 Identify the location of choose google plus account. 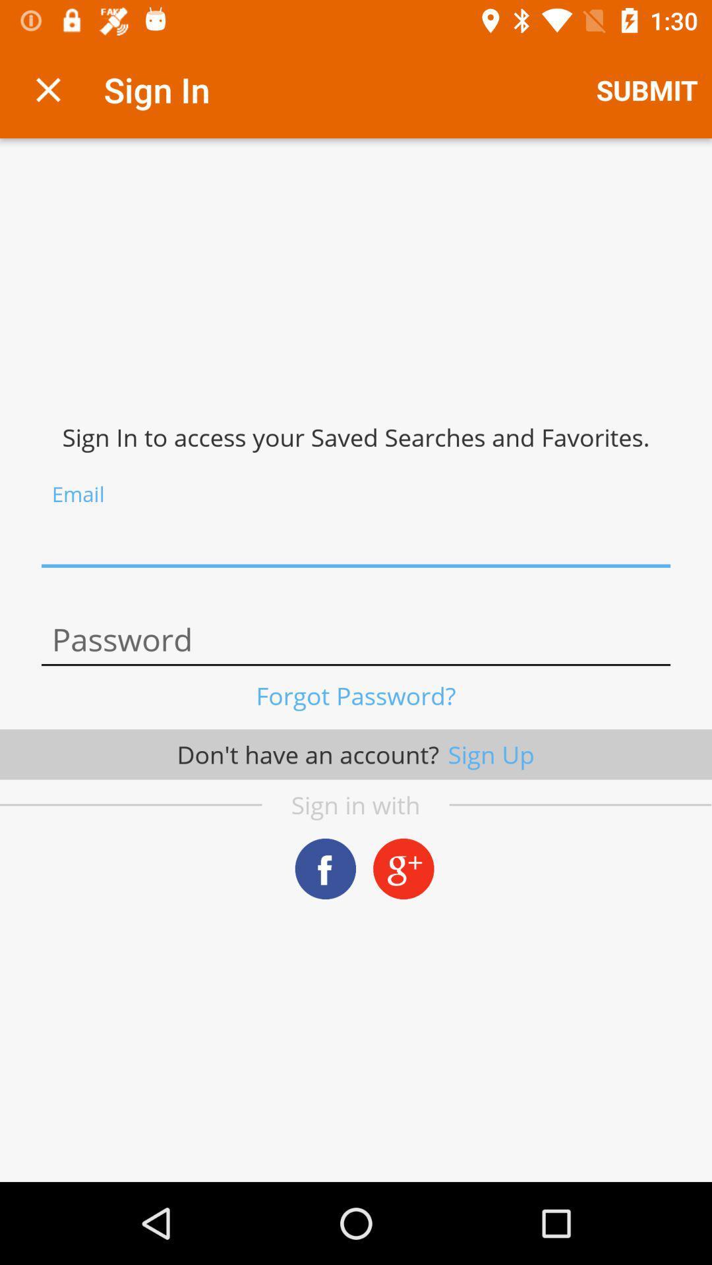
(403, 868).